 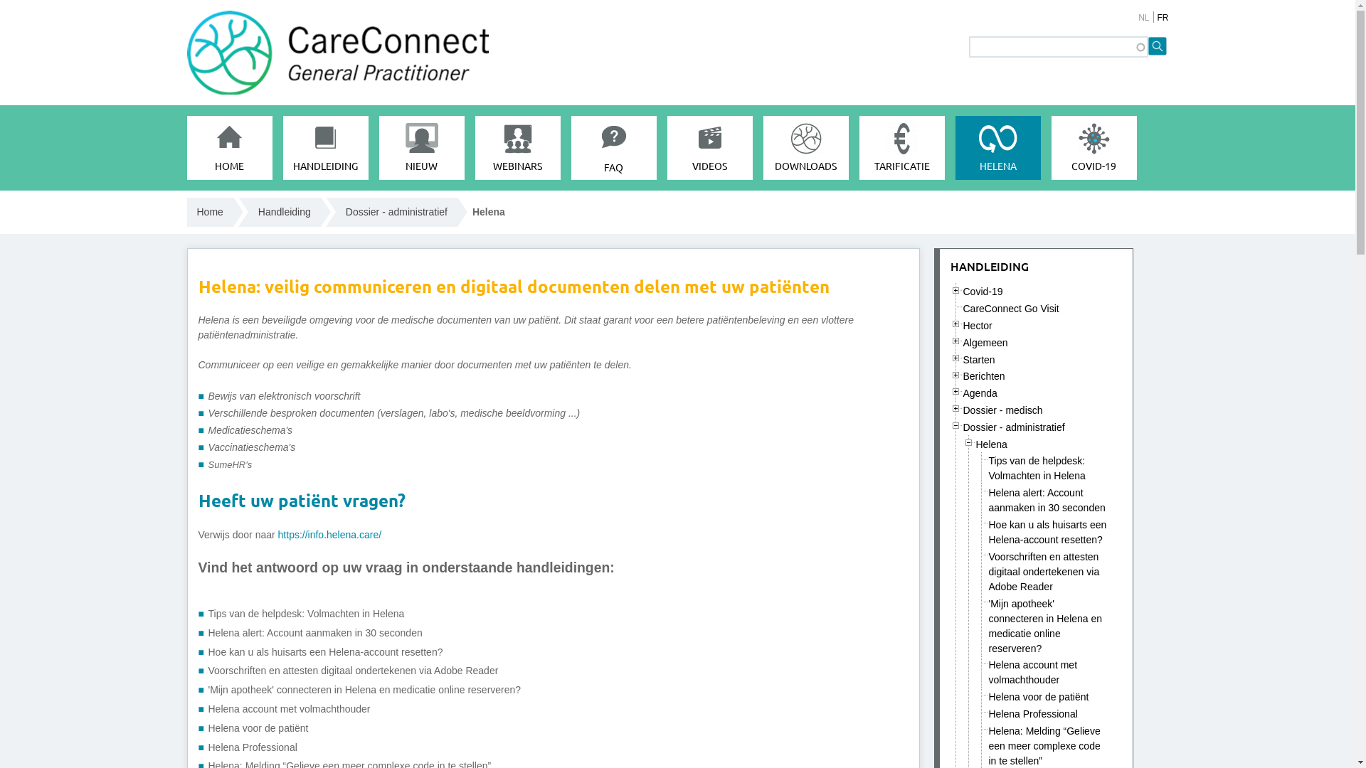 I want to click on 'Home', so click(x=186, y=212).